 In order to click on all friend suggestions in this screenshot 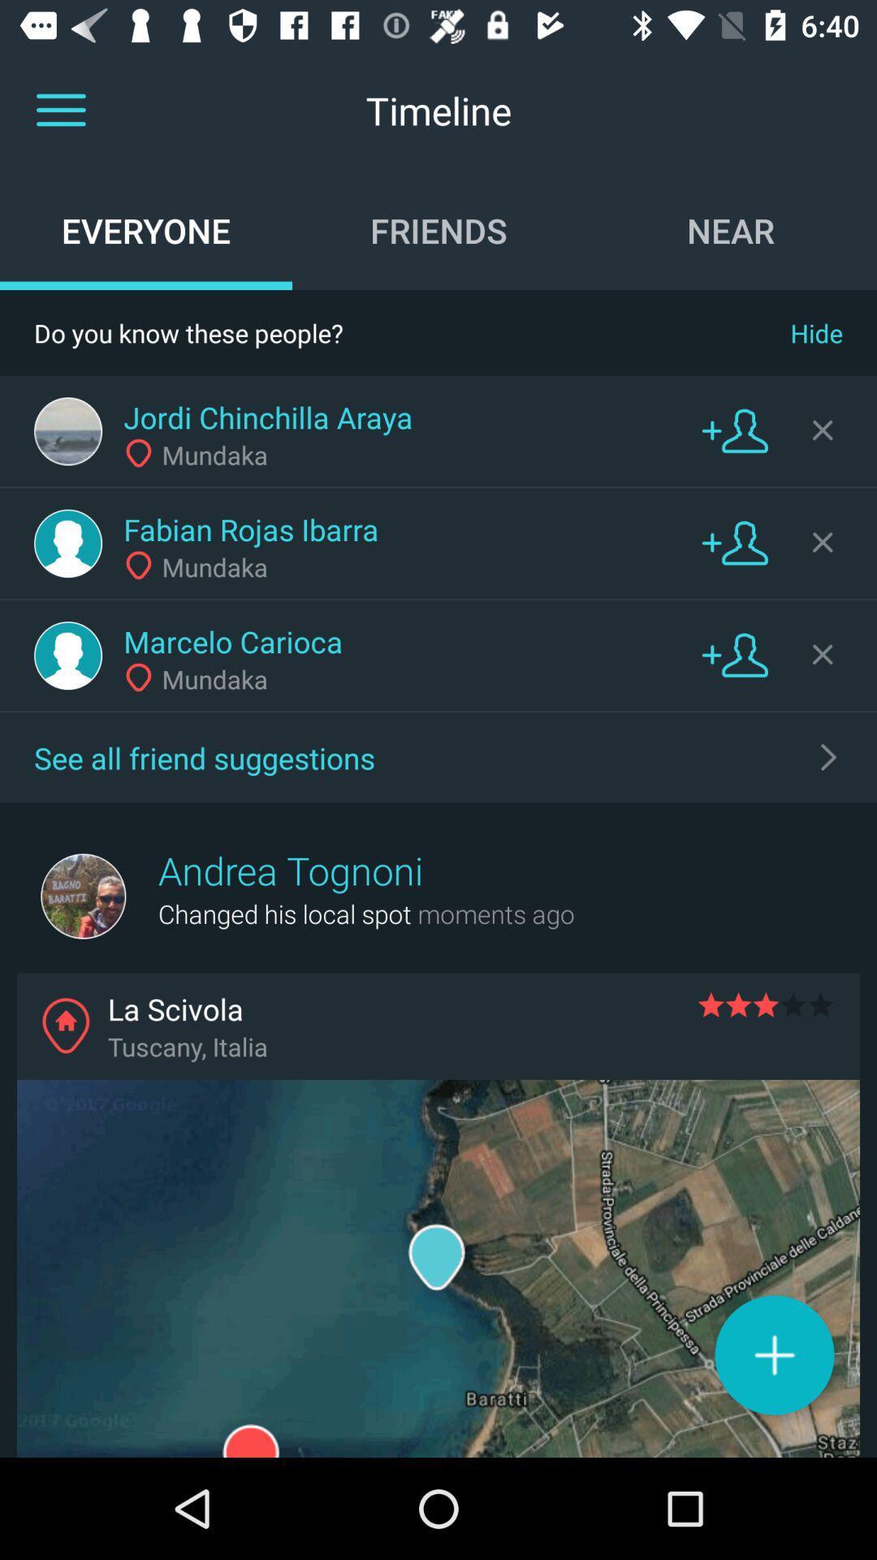, I will do `click(829, 756)`.